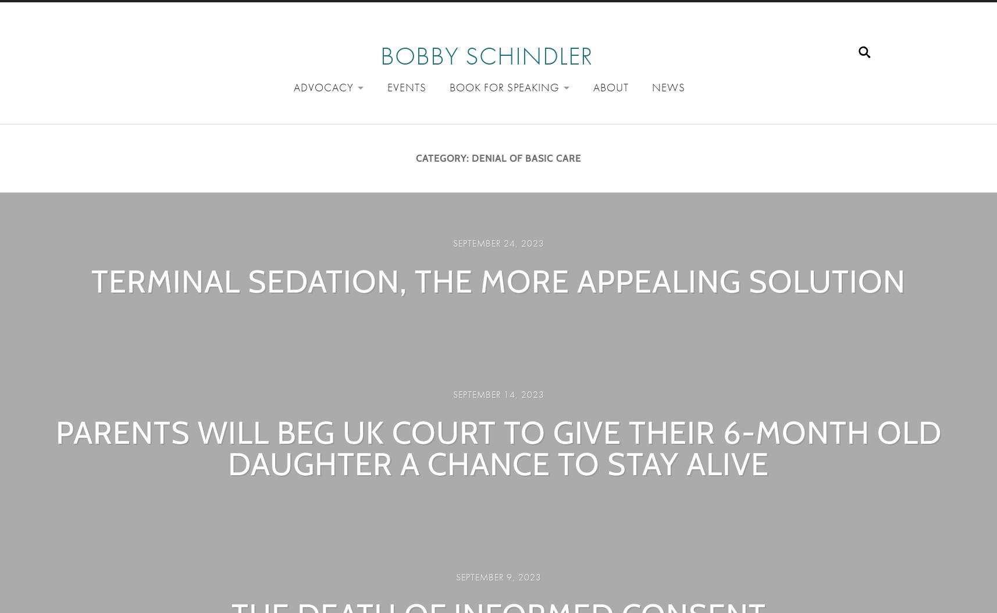 This screenshot has height=613, width=997. What do you see at coordinates (499, 280) in the screenshot?
I see `'Terminal Sedation, the More Appealing Solution'` at bounding box center [499, 280].